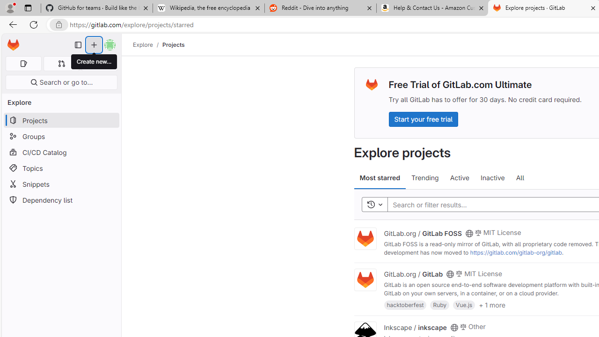 This screenshot has height=337, width=599. What do you see at coordinates (424, 178) in the screenshot?
I see `'Trending'` at bounding box center [424, 178].